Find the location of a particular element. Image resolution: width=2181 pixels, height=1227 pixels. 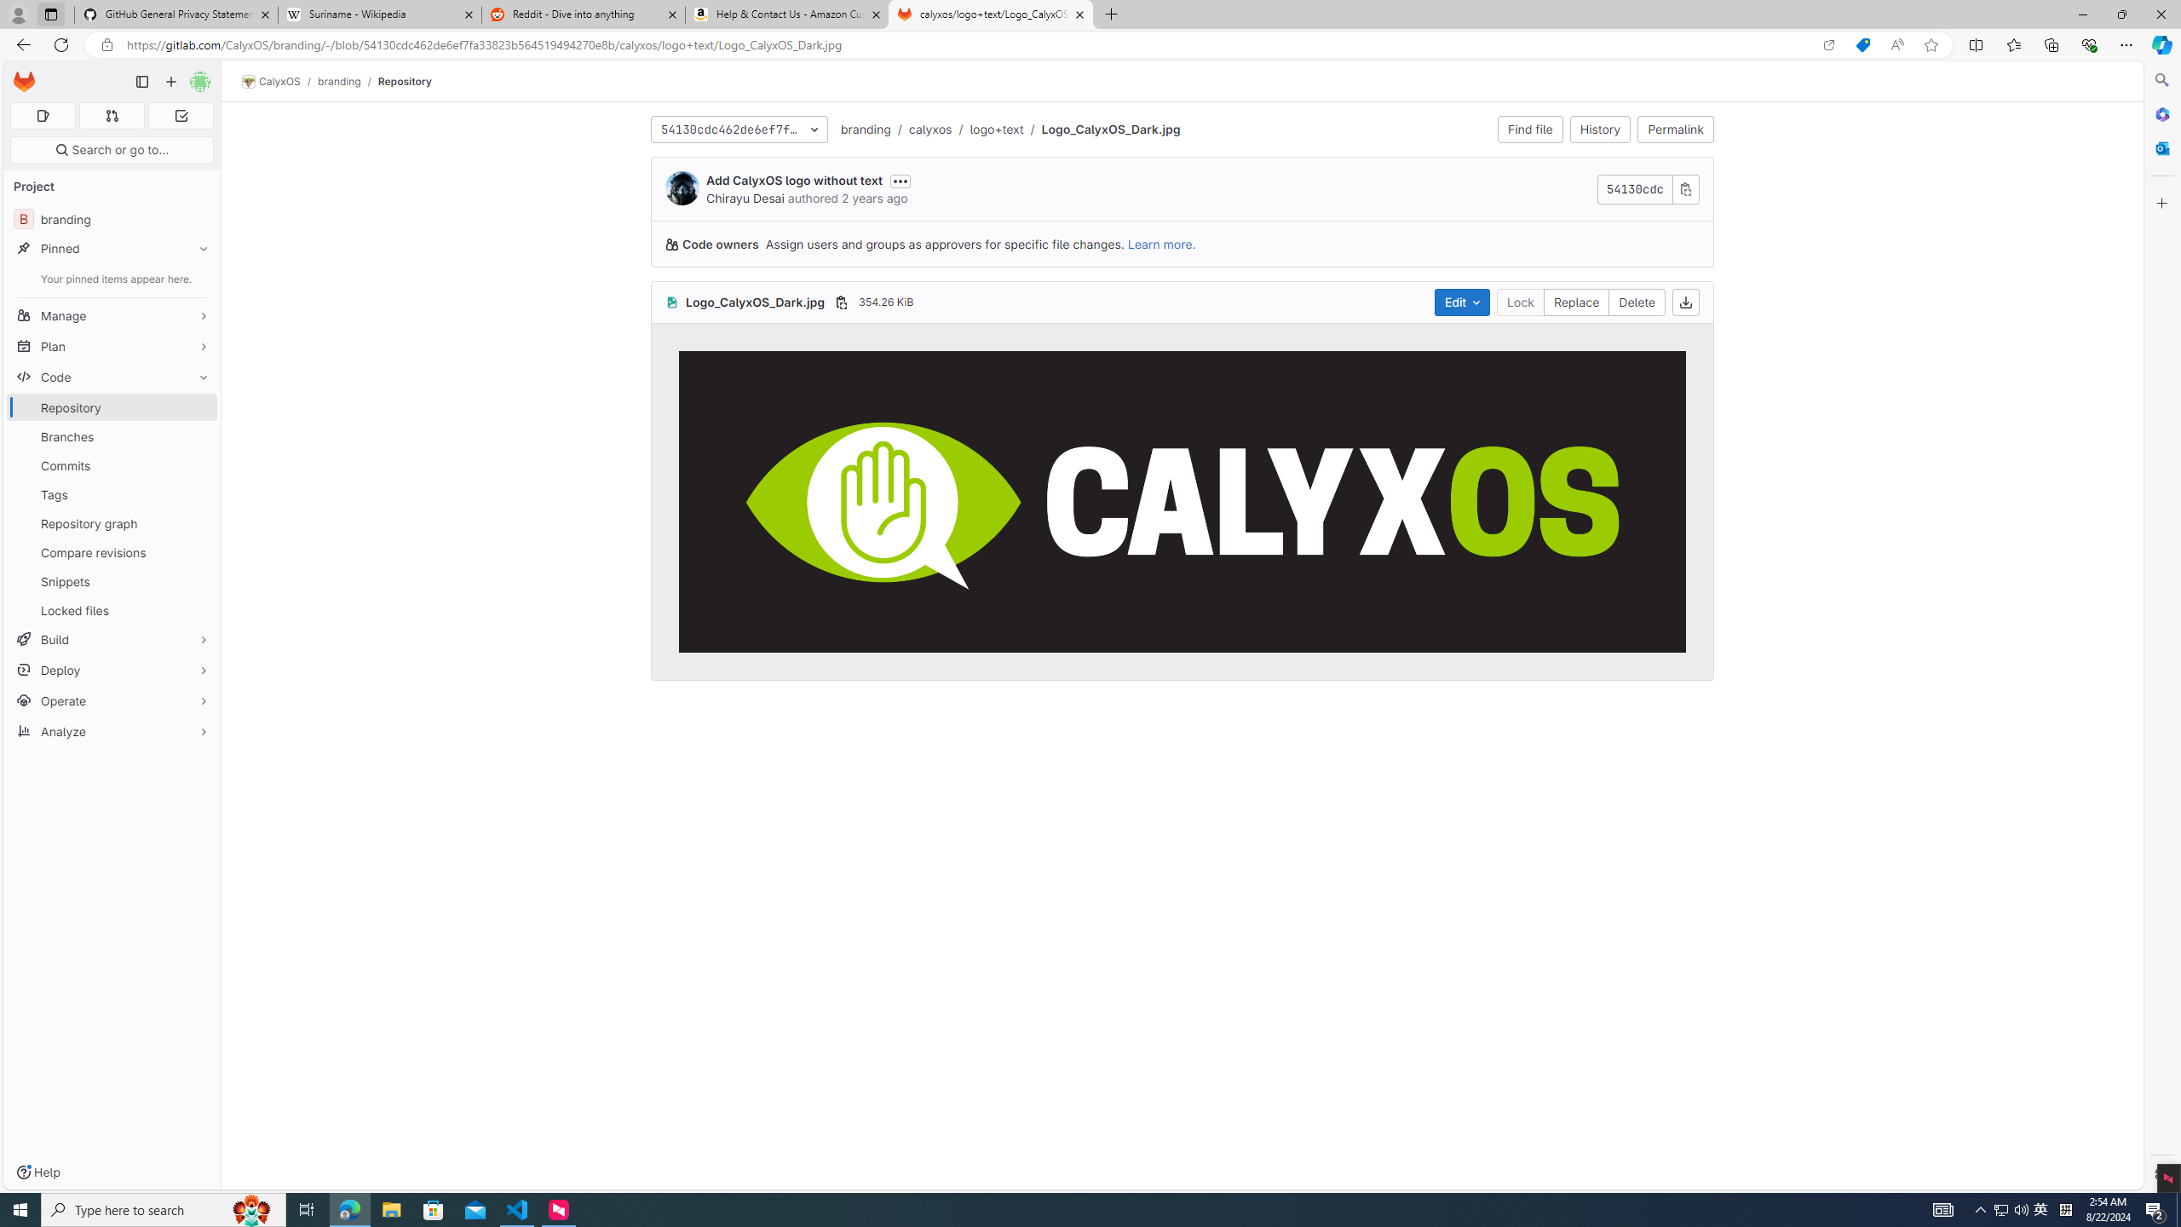

'logo+text' is located at coordinates (997, 128).